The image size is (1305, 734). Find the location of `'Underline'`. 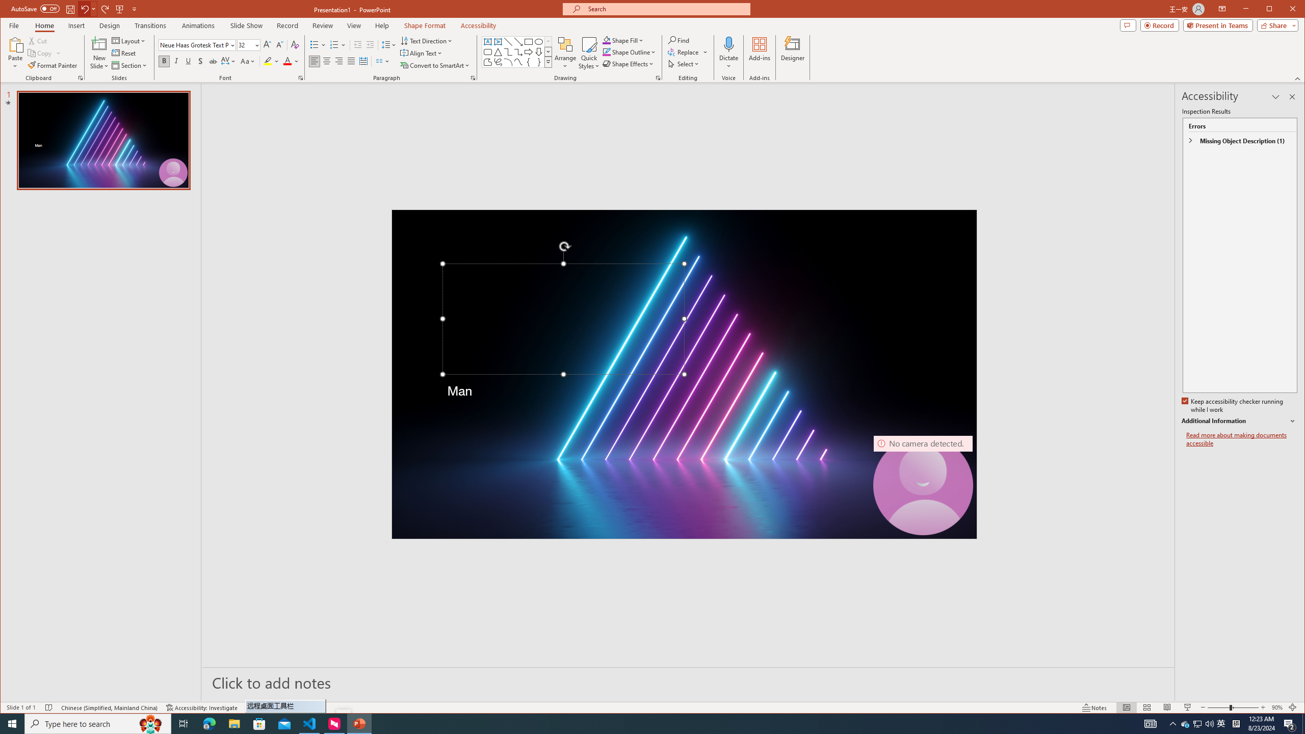

'Underline' is located at coordinates (188, 61).